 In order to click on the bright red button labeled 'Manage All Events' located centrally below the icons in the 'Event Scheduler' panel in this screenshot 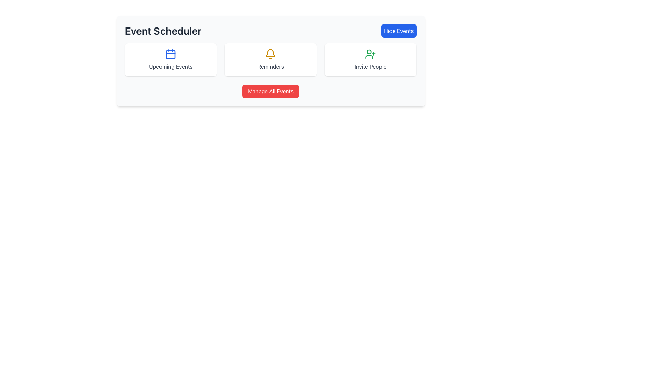, I will do `click(270, 91)`.